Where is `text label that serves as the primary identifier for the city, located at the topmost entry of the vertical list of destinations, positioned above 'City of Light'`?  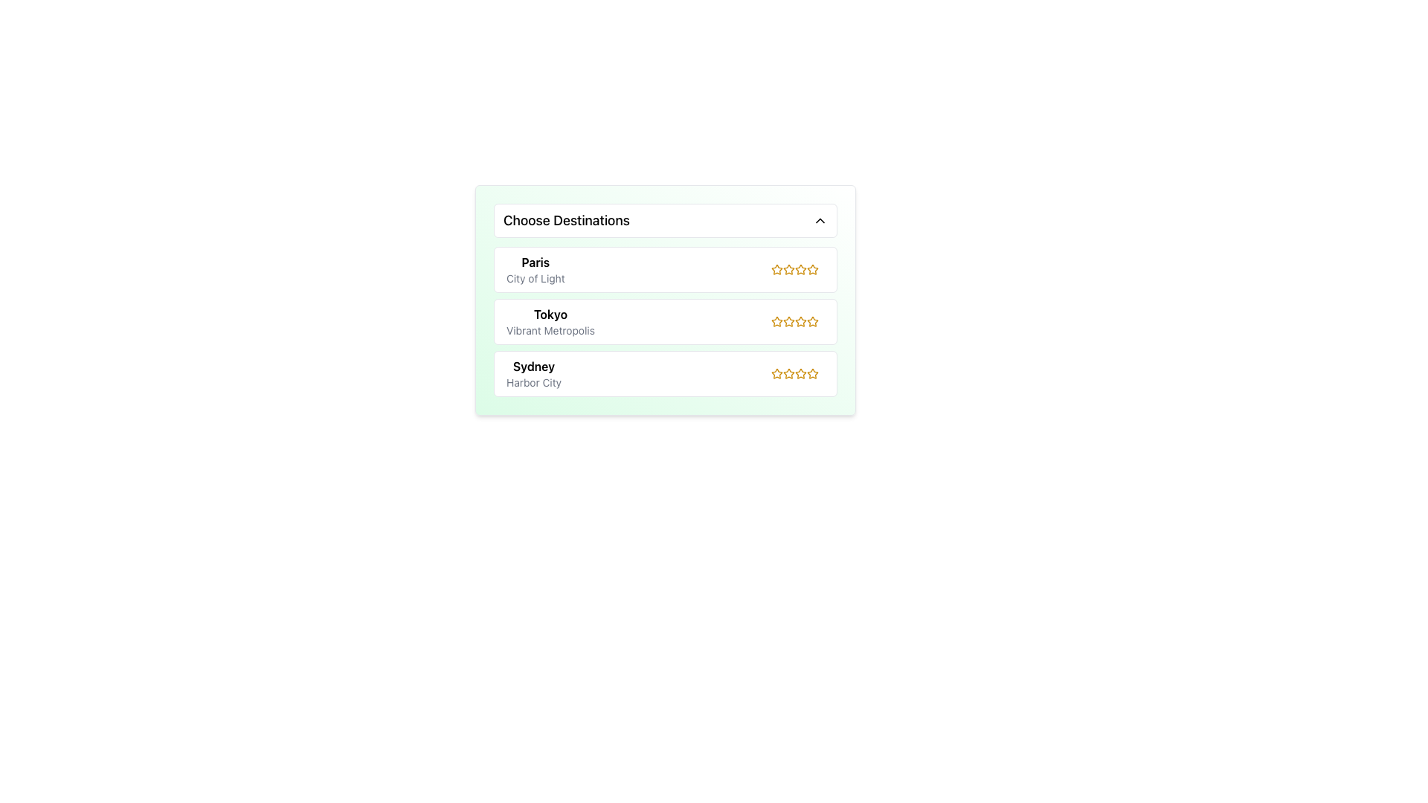
text label that serves as the primary identifier for the city, located at the topmost entry of the vertical list of destinations, positioned above 'City of Light' is located at coordinates (535, 262).